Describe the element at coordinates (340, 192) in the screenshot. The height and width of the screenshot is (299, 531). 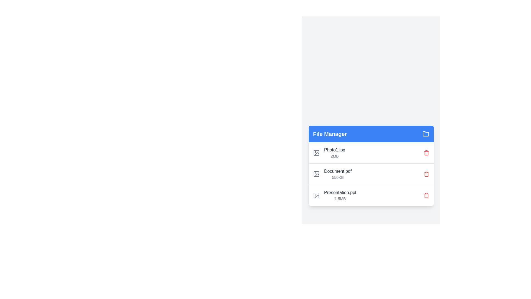
I see `the text label 'Presentation.ppt' styled in dark grey font within the file list context` at that location.